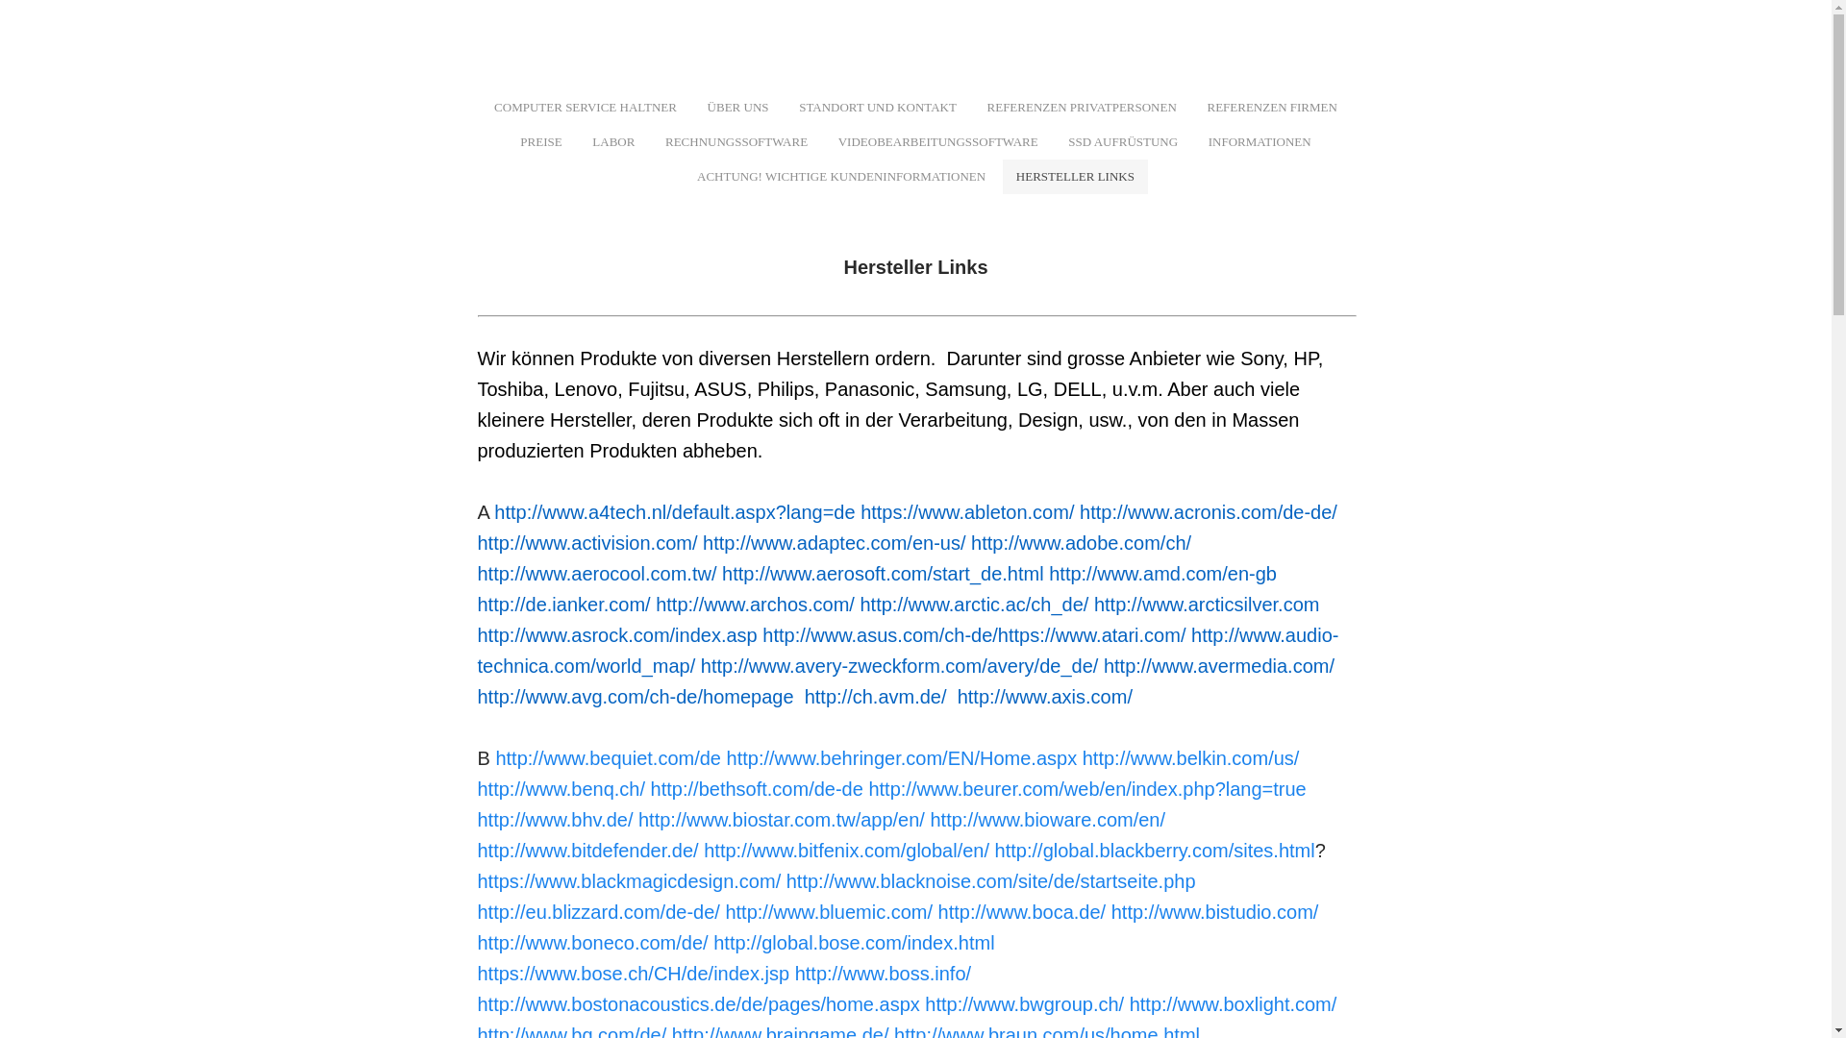 The height and width of the screenshot is (1038, 1846). I want to click on 'http://bethsoft.com/de-de', so click(756, 789).